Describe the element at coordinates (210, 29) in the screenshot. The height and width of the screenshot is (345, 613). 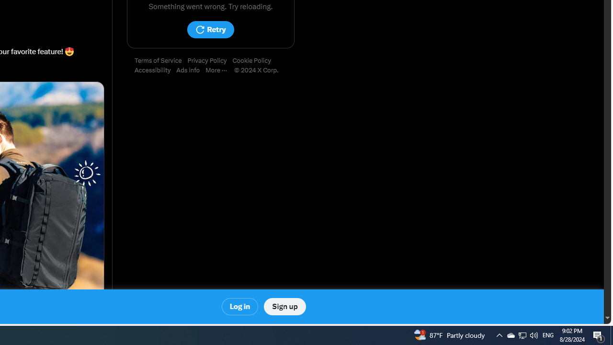
I see `'Retry'` at that location.